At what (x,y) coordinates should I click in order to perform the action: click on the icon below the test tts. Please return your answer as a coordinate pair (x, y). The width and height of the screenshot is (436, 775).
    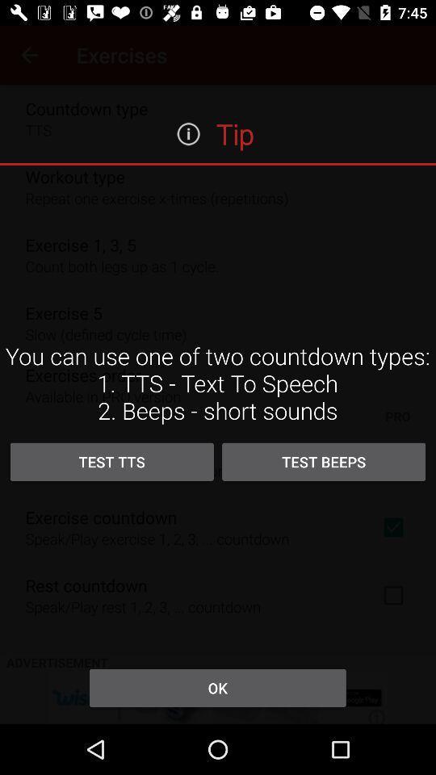
    Looking at the image, I should click on (217, 687).